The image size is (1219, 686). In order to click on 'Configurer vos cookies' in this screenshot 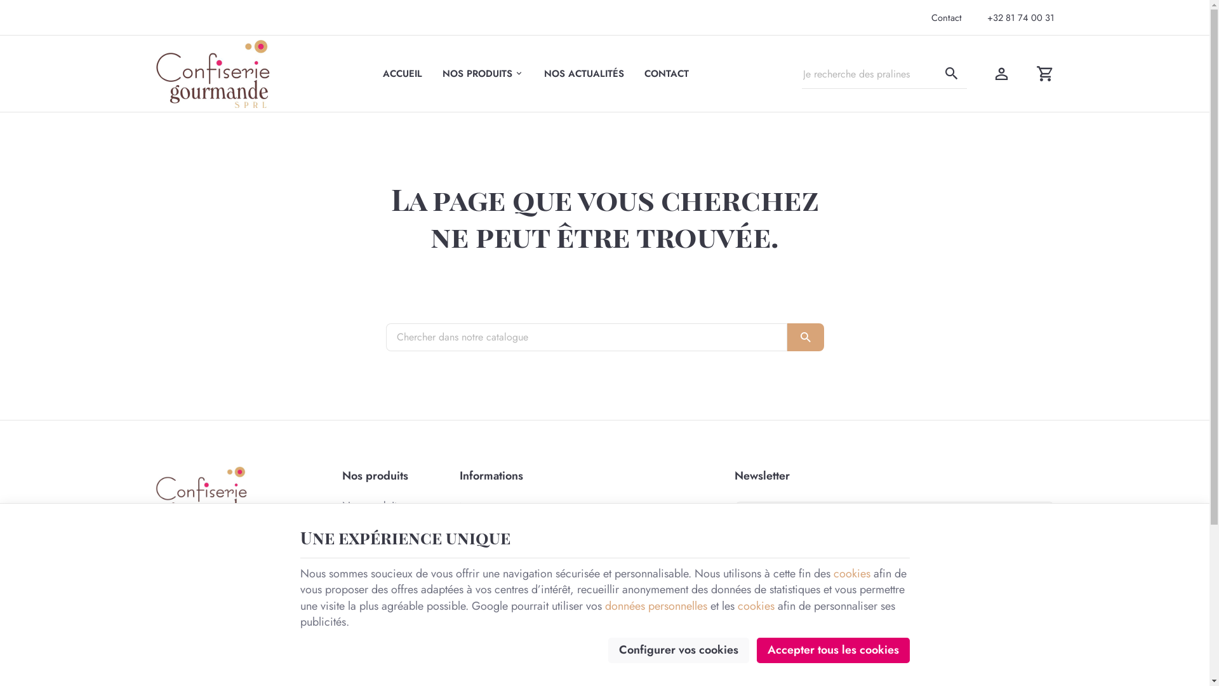, I will do `click(608, 650)`.